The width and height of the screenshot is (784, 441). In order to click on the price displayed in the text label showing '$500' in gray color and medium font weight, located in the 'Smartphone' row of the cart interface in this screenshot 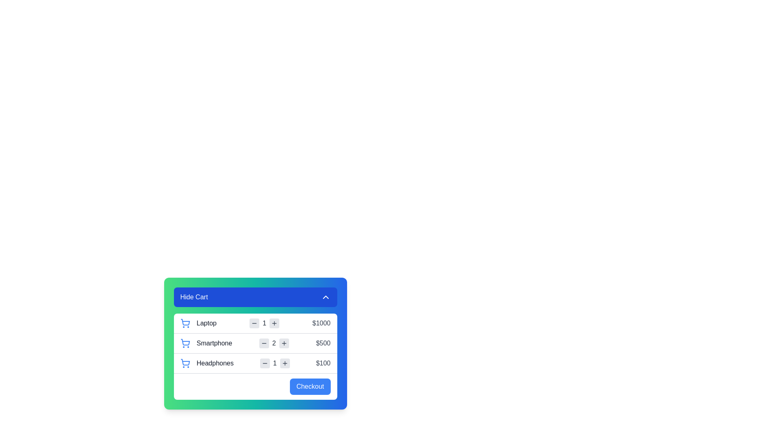, I will do `click(323, 343)`.